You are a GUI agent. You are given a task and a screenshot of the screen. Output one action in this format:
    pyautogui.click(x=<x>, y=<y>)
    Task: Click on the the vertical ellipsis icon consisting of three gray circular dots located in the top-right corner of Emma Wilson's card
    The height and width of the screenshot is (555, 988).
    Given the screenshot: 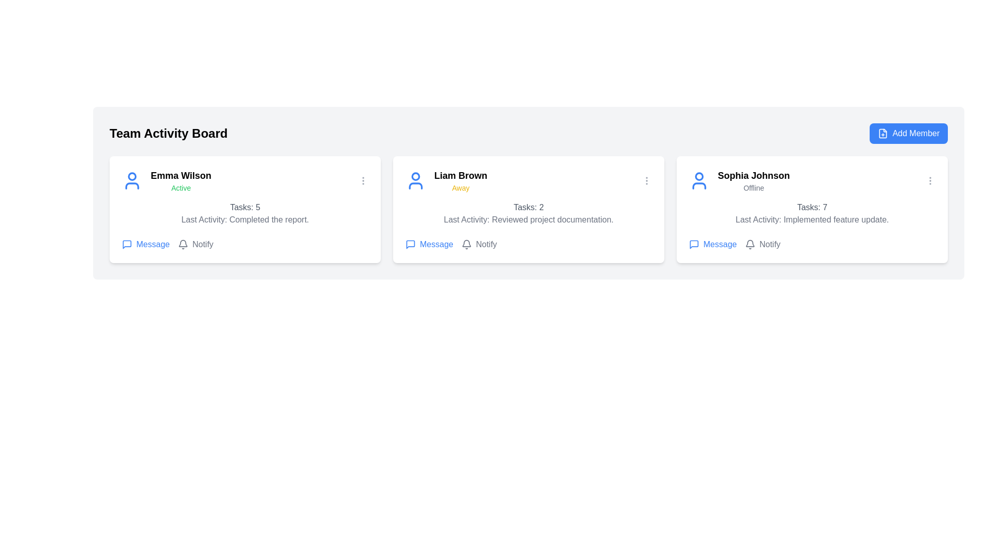 What is the action you would take?
    pyautogui.click(x=363, y=180)
    